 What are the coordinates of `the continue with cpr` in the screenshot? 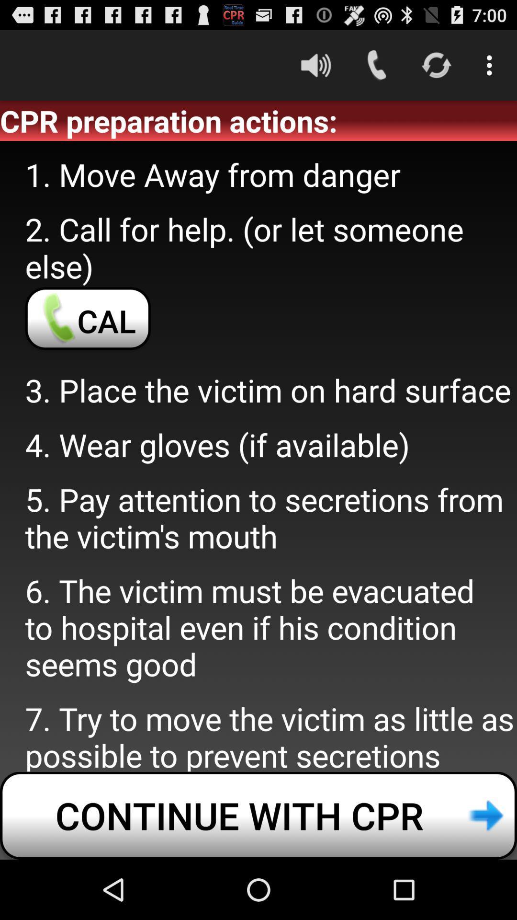 It's located at (258, 815).